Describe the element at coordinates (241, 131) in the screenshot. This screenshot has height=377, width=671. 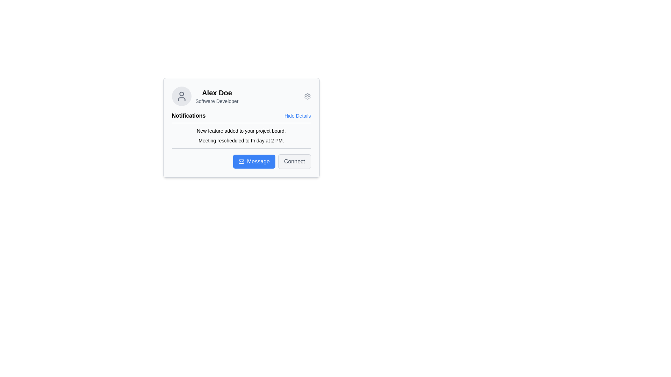
I see `the static text element that informs the user about a new feature on their project board, located at the top of the notification section` at that location.